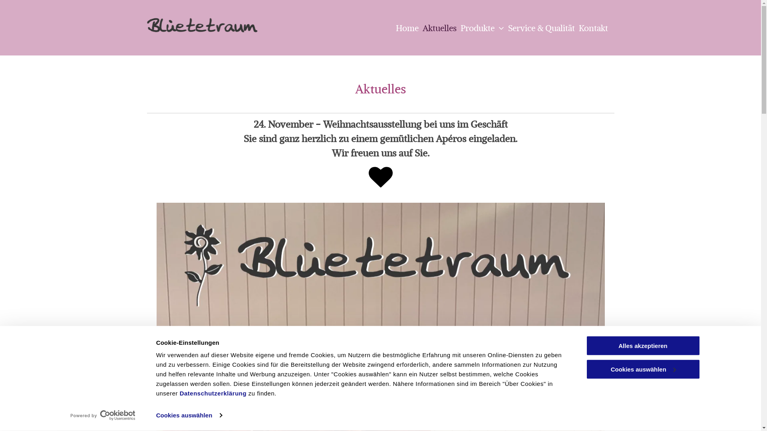 This screenshot has width=767, height=431. Describe the element at coordinates (418, 28) in the screenshot. I see `'Aktuelles'` at that location.